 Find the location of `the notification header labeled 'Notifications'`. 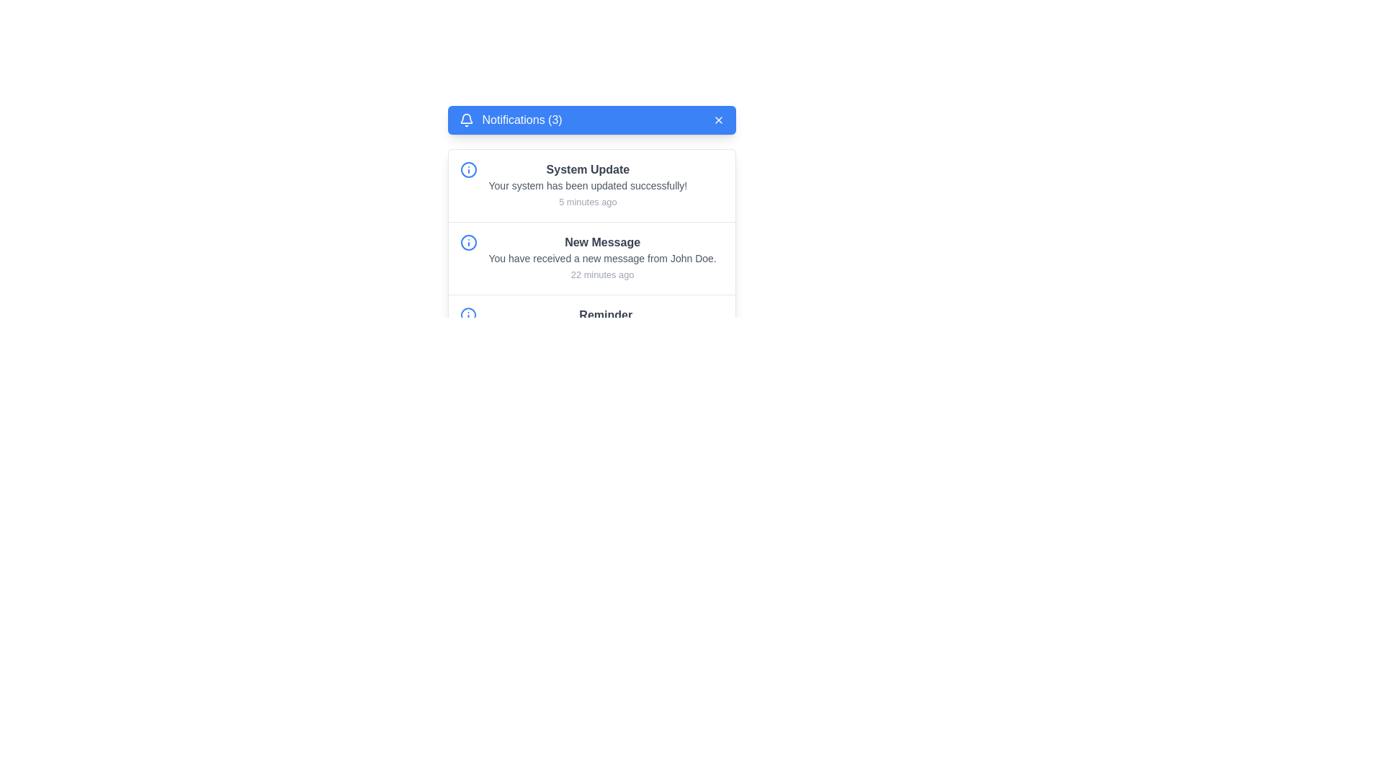

the notification header labeled 'Notifications' is located at coordinates (511, 119).